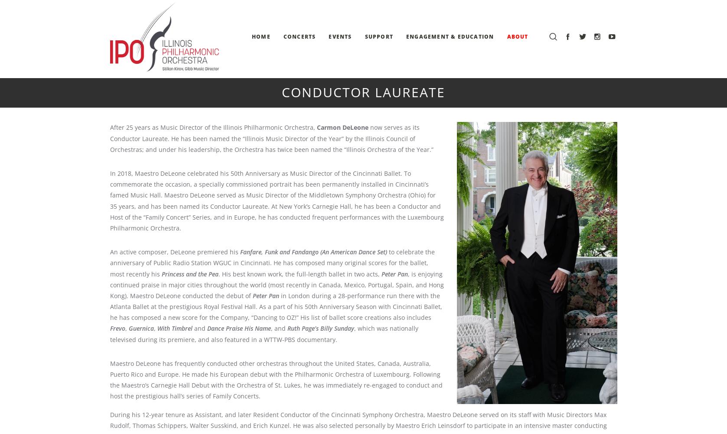 This screenshot has height=434, width=727. Describe the element at coordinates (313, 251) in the screenshot. I see `'Fanfare, Funk and Fandango (An American Dance Set)'` at that location.